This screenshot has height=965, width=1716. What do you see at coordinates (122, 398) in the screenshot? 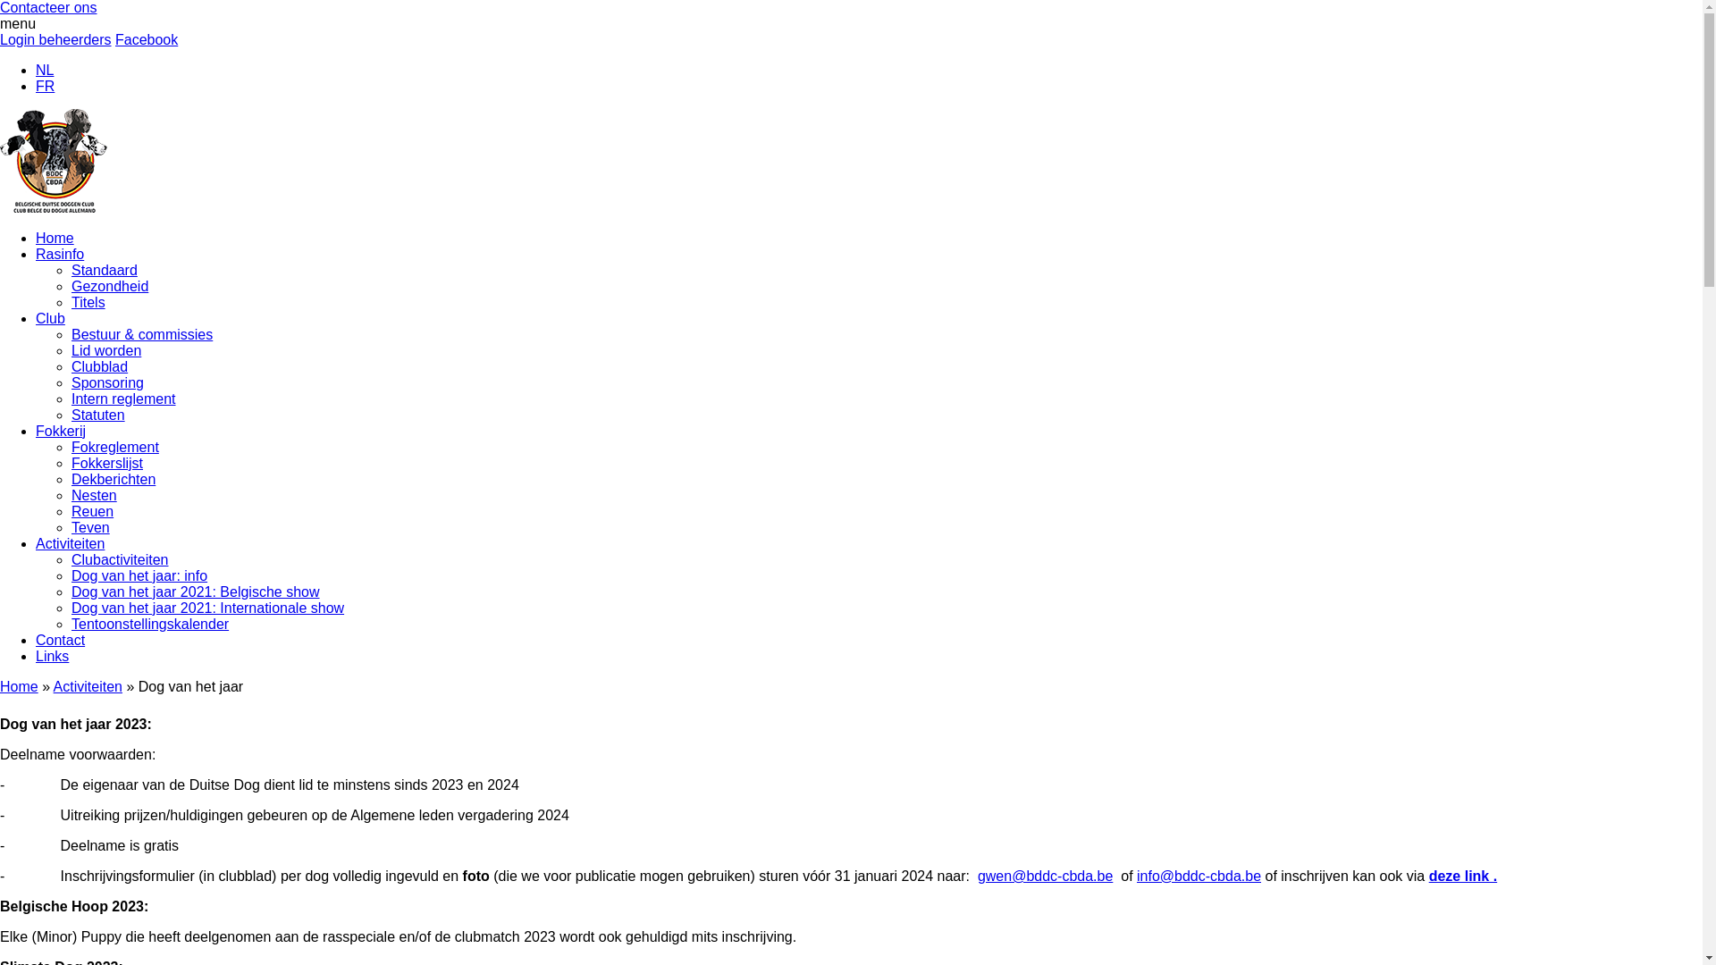
I see `'Intern reglement'` at bounding box center [122, 398].